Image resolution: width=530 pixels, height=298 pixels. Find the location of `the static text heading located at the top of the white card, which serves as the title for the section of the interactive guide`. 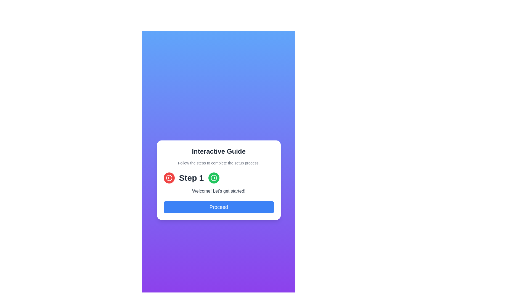

the static text heading located at the top of the white card, which serves as the title for the section of the interactive guide is located at coordinates (218, 151).